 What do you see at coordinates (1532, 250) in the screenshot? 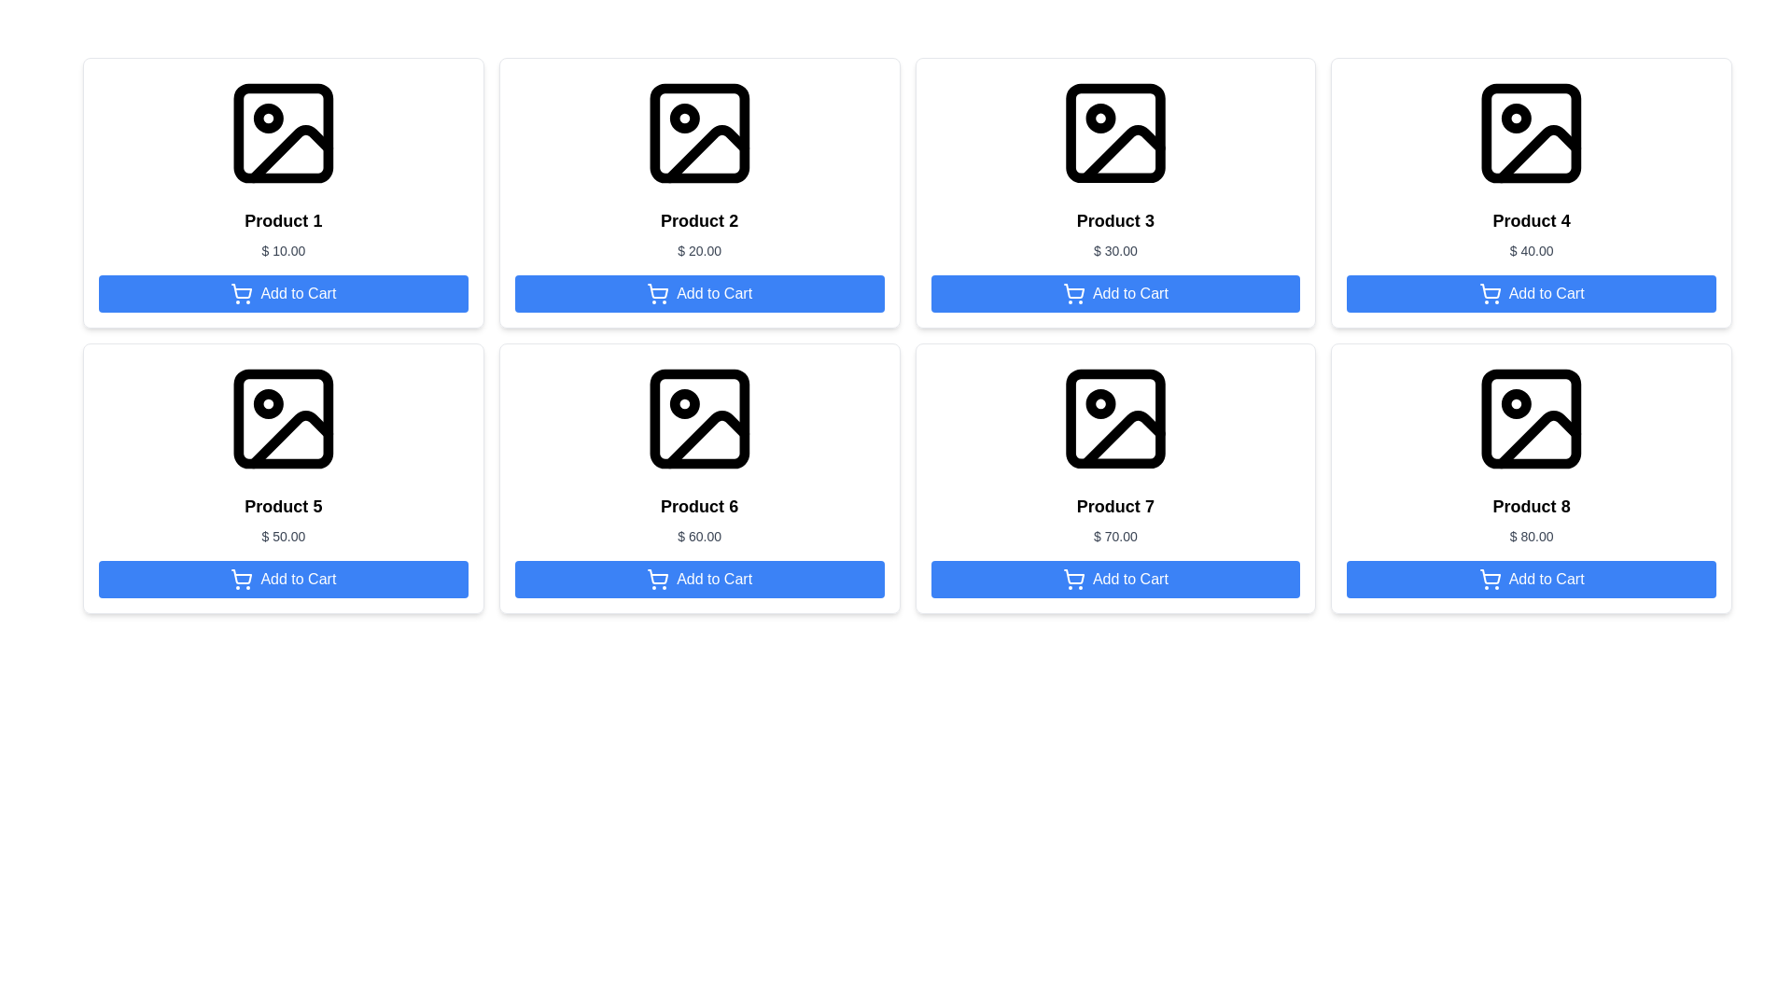
I see `the static text label displaying '$ 40.00', which is positioned below the label 'Product 4' and above the 'Add to Cart' button` at bounding box center [1532, 250].